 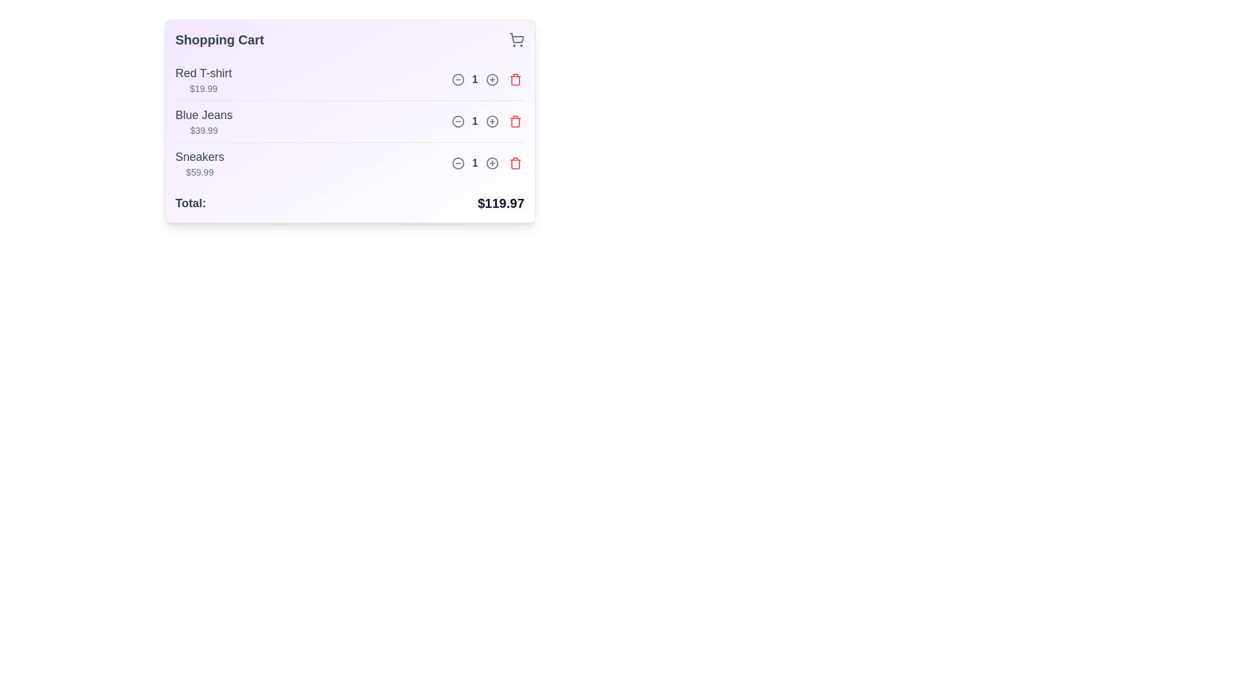 What do you see at coordinates (491, 79) in the screenshot?
I see `the circular shape of the '+' icon in the shopping cart list for 'Blue Jeans'` at bounding box center [491, 79].